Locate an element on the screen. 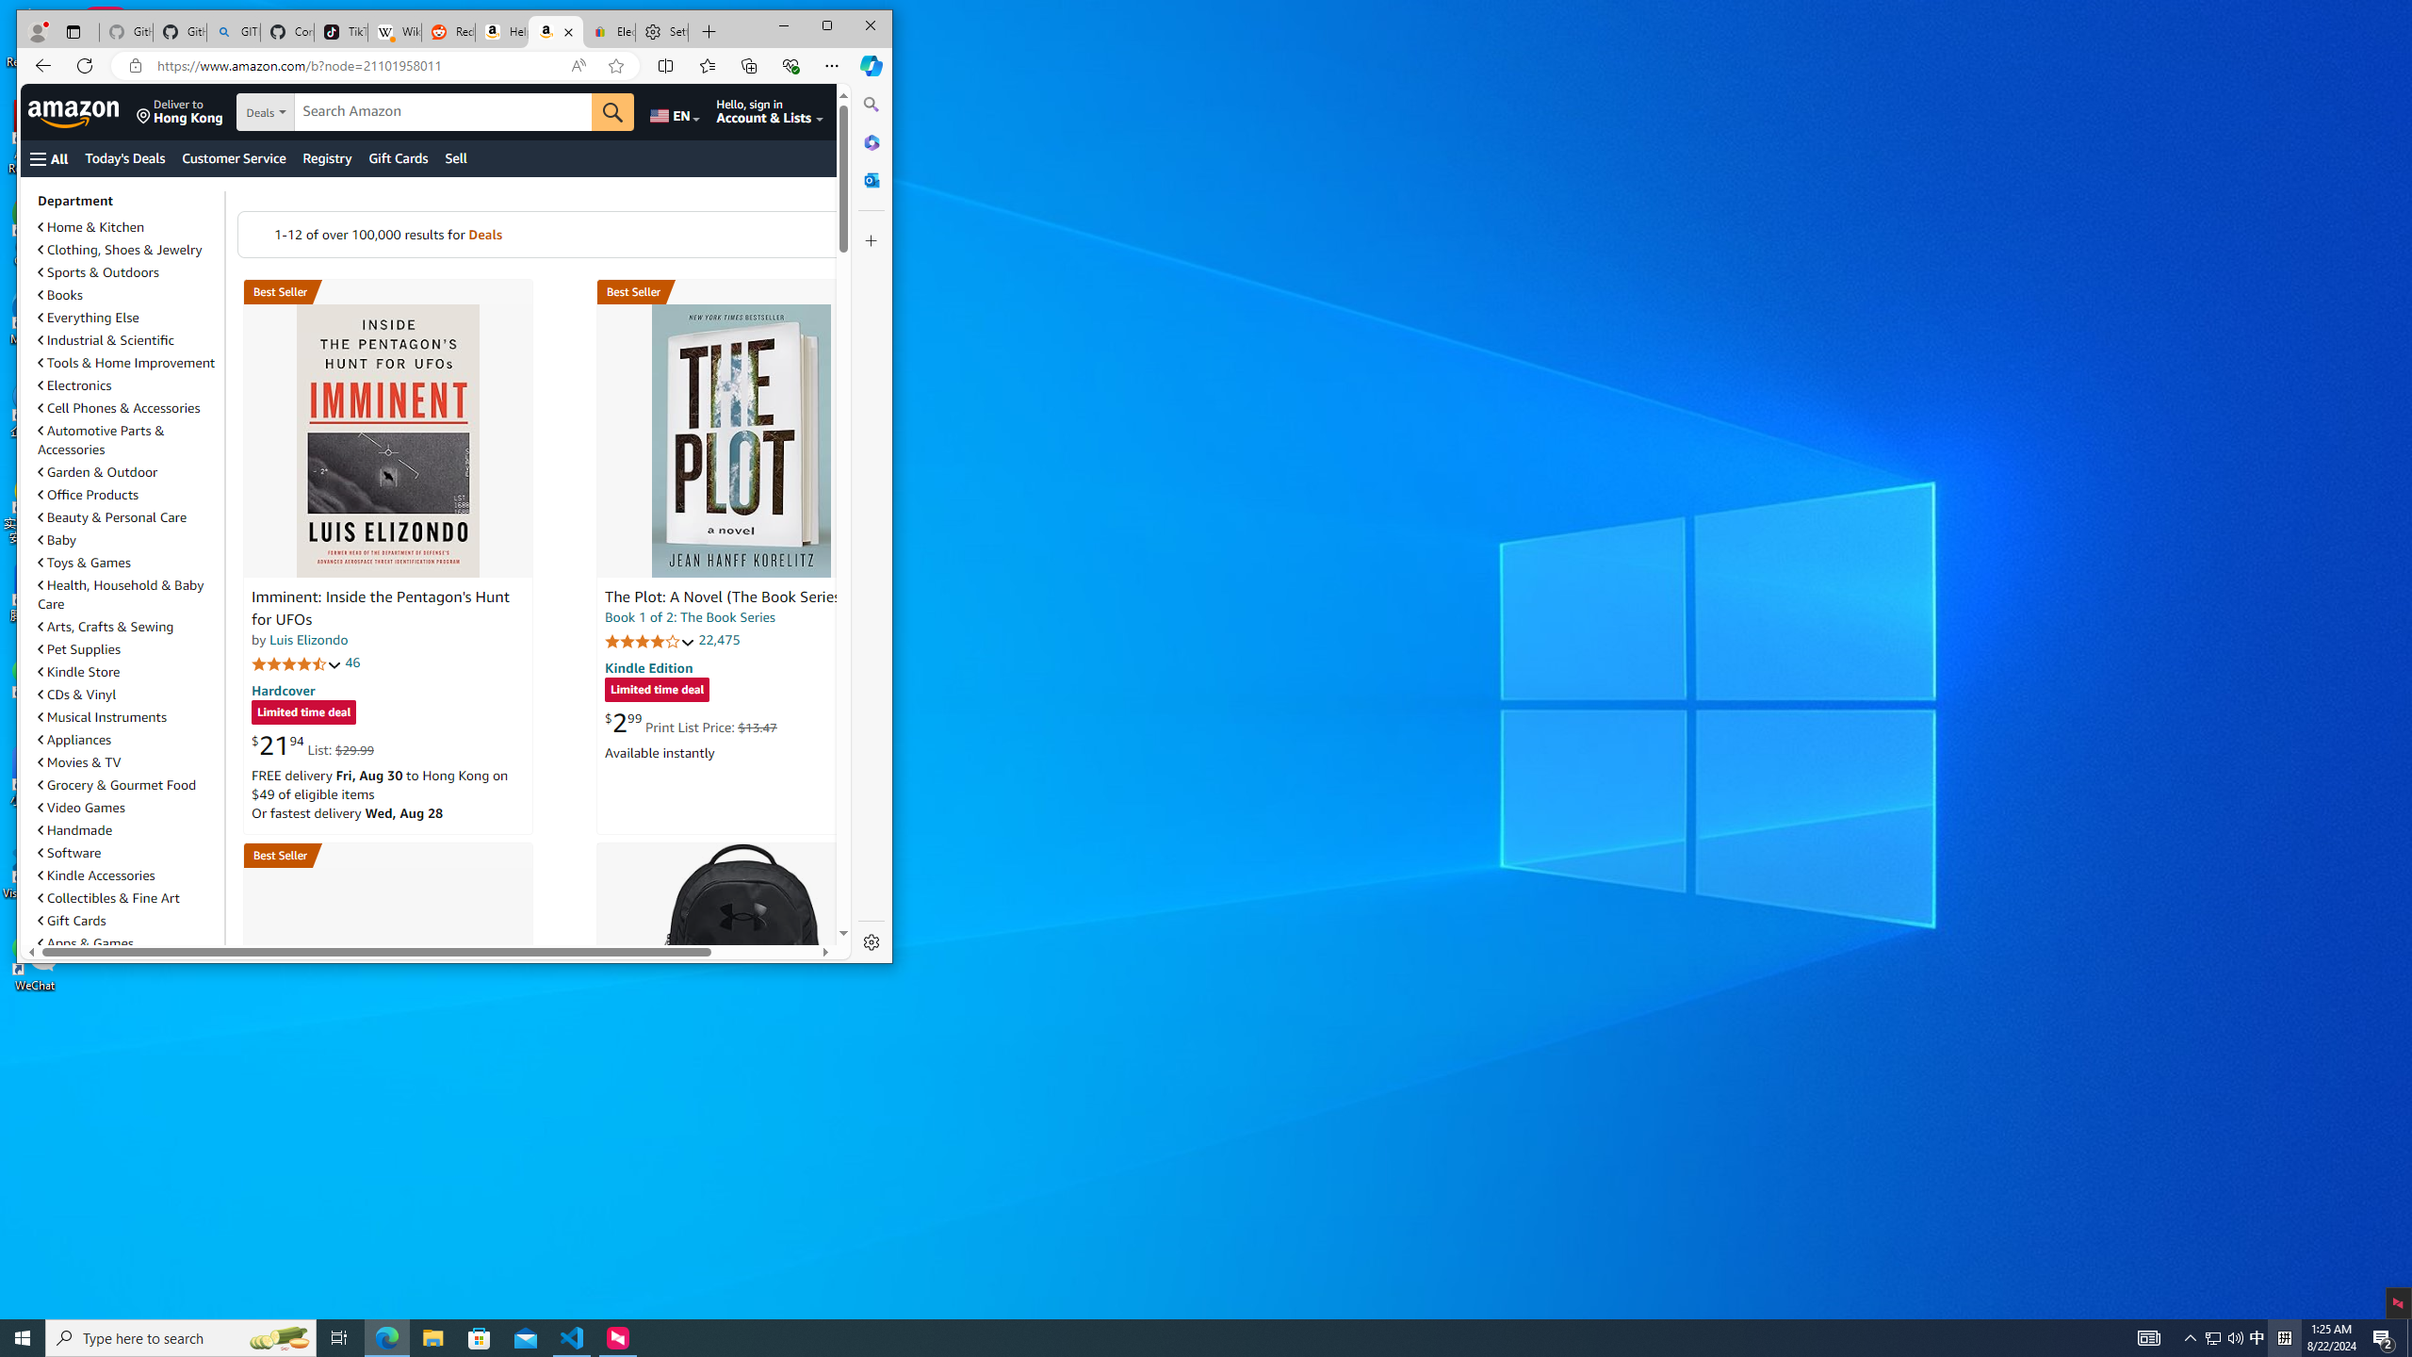  'Deliver to Hong Kong' is located at coordinates (178, 111).